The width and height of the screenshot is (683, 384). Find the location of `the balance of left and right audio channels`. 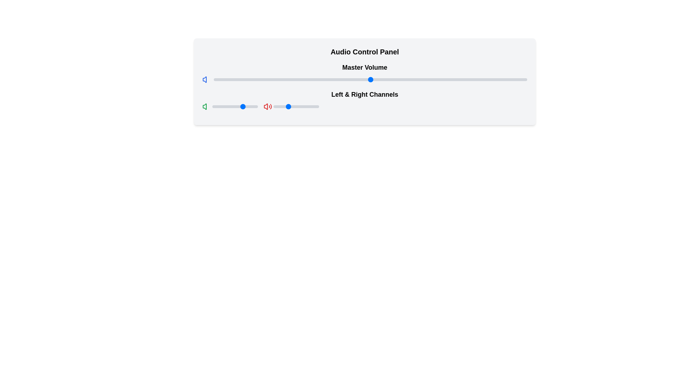

the balance of left and right audio channels is located at coordinates (290, 107).